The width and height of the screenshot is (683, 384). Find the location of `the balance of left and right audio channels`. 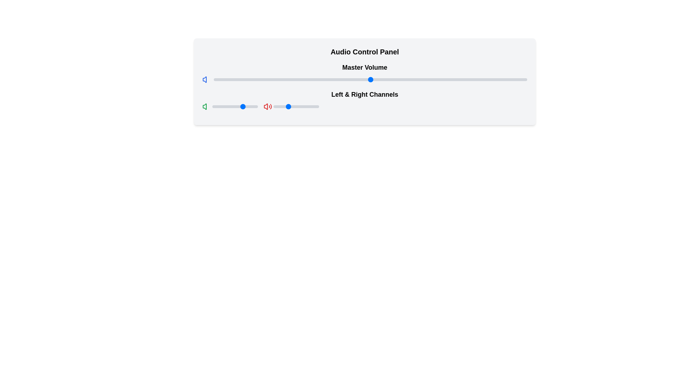

the balance of left and right audio channels is located at coordinates (290, 107).